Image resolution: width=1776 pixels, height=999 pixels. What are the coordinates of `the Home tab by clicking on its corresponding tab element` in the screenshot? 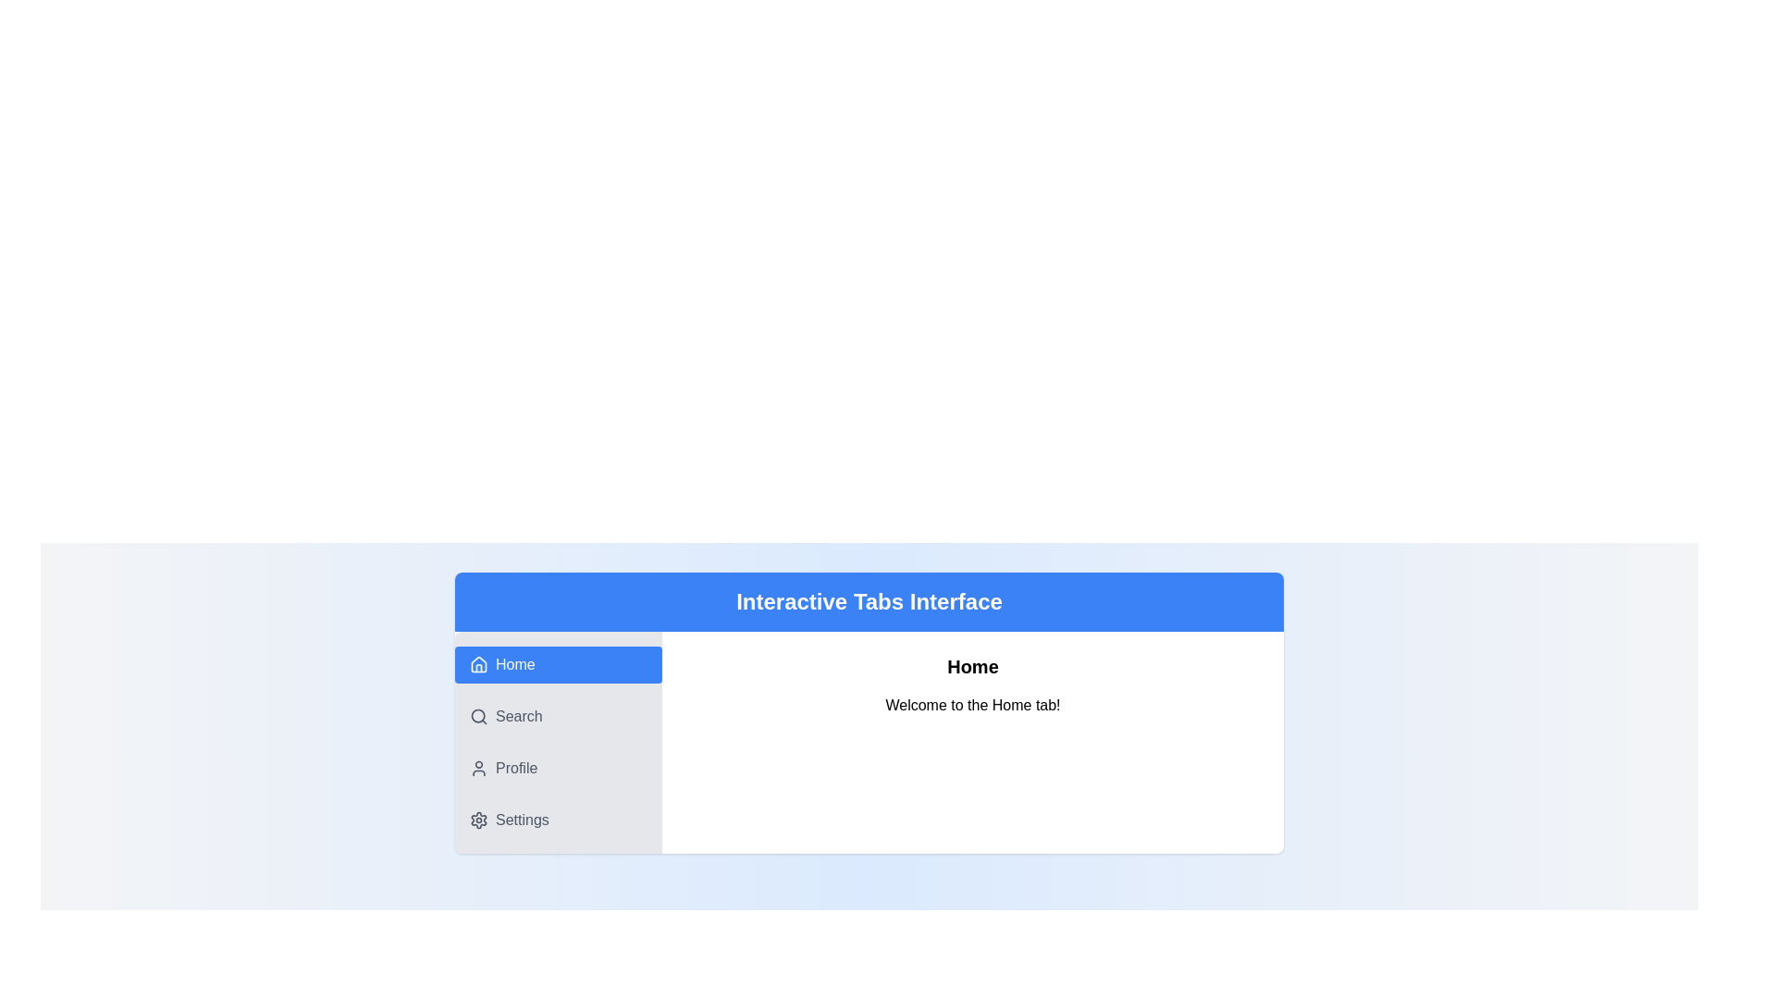 It's located at (558, 663).